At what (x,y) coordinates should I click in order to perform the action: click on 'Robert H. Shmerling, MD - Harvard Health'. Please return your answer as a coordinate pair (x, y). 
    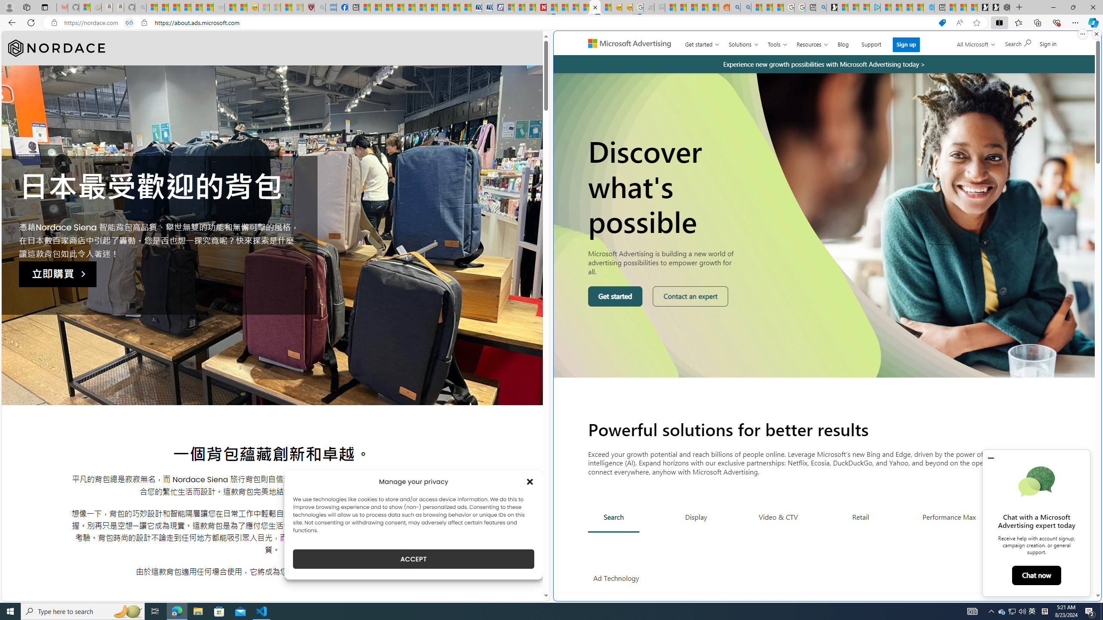
    Looking at the image, I should click on (308, 7).